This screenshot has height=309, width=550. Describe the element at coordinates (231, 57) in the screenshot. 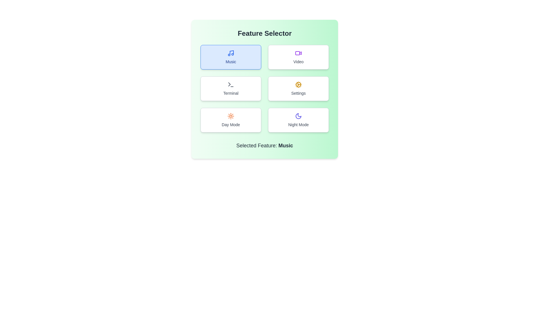

I see `the light blue 'Music' button with a music note icon` at that location.